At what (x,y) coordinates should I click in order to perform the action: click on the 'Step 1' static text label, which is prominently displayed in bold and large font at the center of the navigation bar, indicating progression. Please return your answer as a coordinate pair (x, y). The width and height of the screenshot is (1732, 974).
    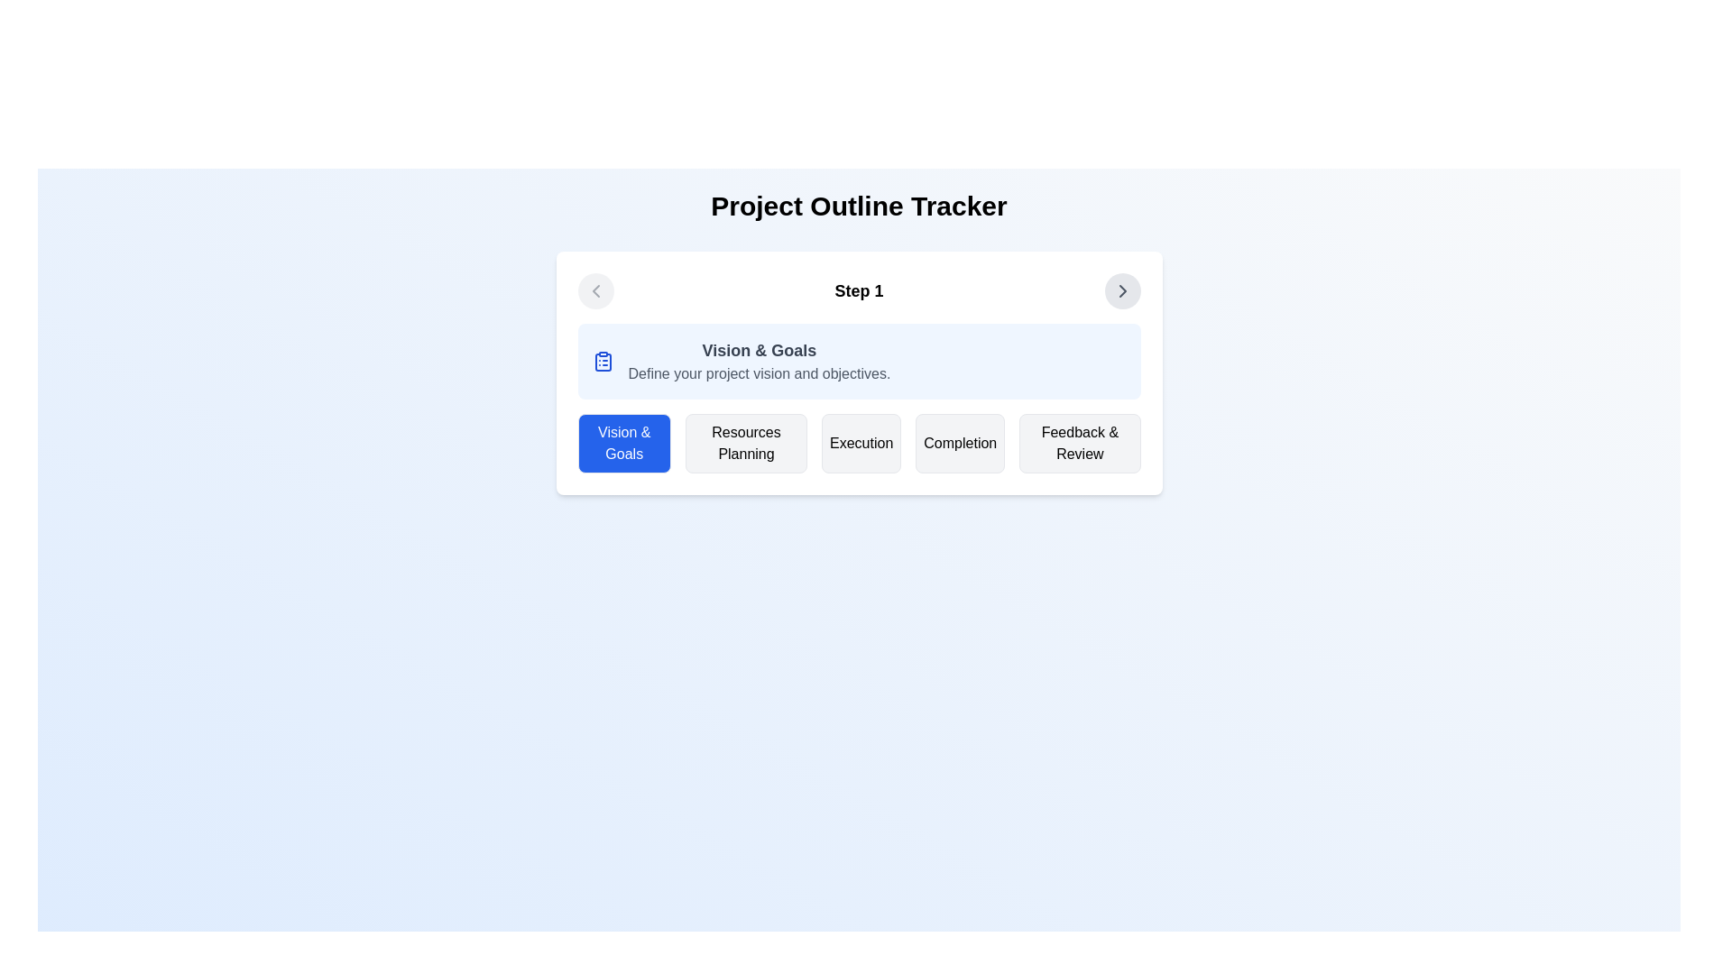
    Looking at the image, I should click on (858, 290).